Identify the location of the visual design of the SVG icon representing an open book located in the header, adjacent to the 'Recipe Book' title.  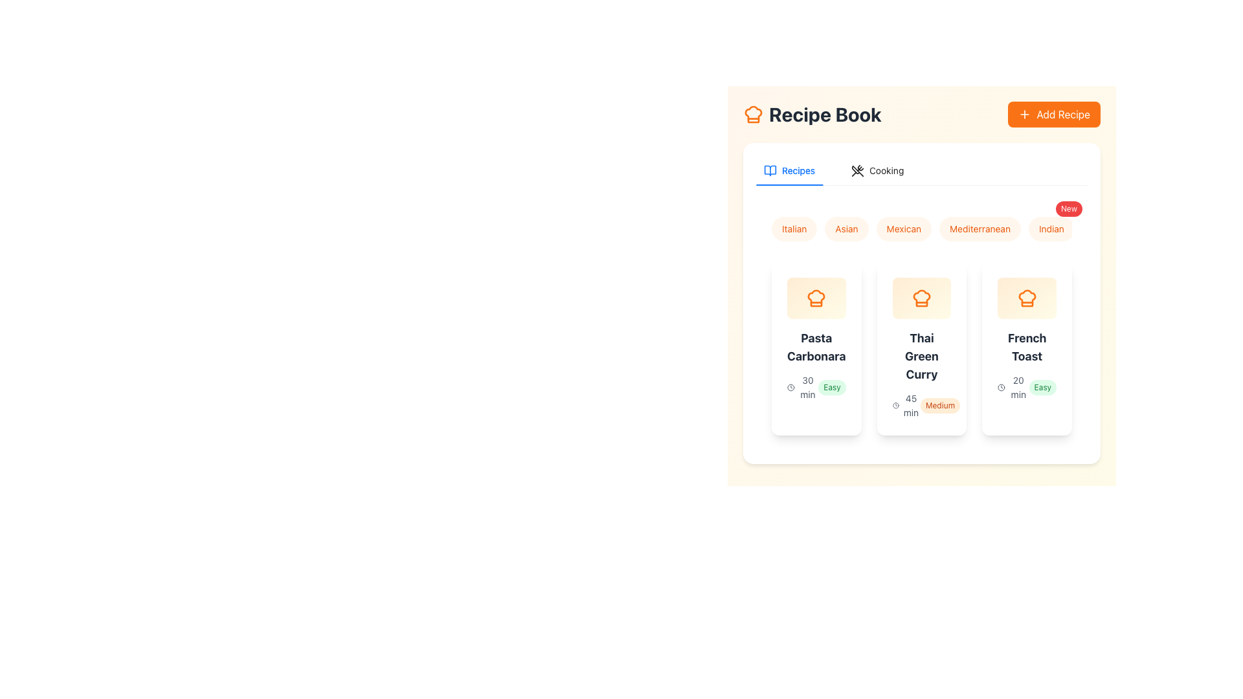
(770, 170).